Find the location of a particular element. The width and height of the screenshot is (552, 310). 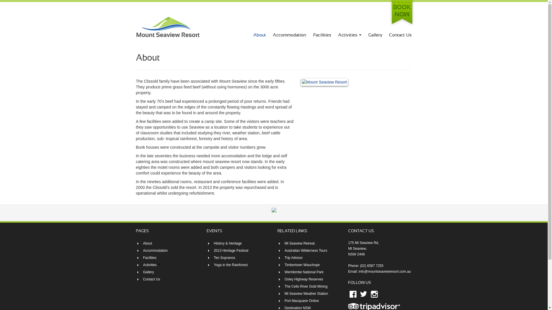

'Mount Seaview Resort' is located at coordinates (135, 26).